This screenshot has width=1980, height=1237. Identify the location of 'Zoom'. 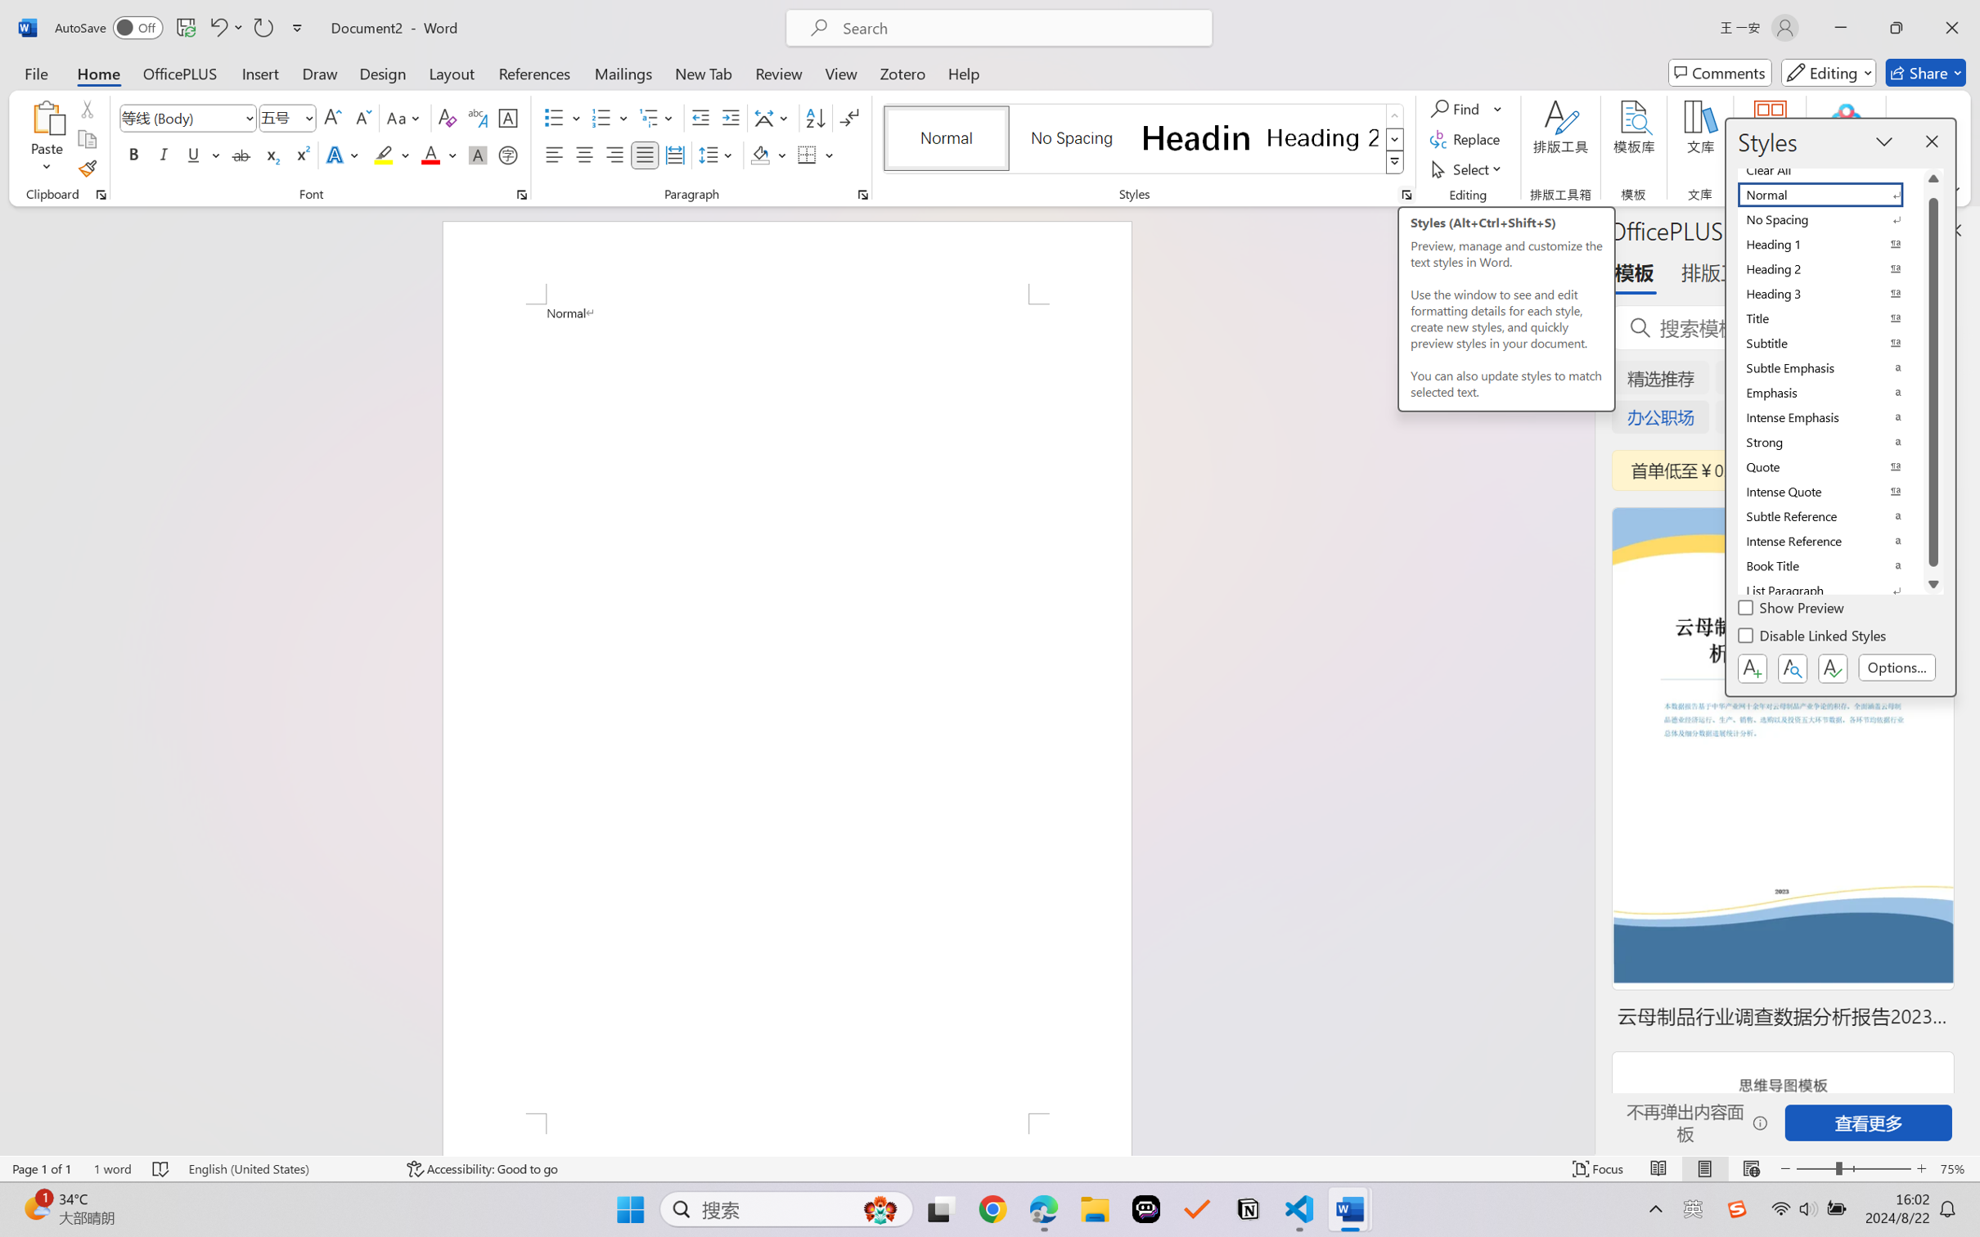
(1854, 1168).